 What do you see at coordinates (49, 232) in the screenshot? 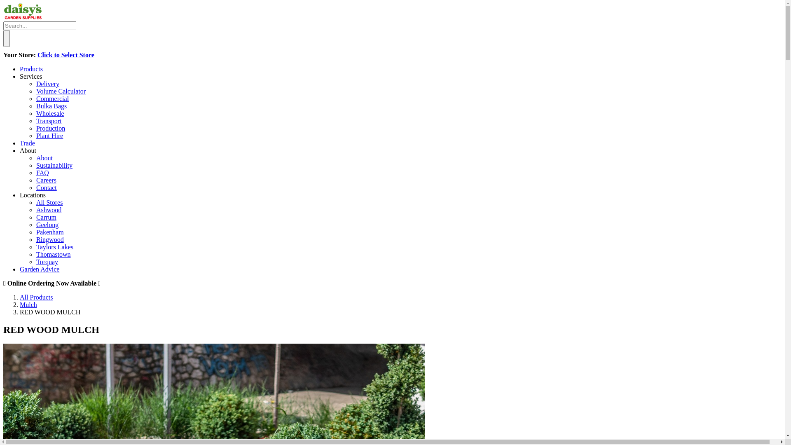
I see `'Pakenham'` at bounding box center [49, 232].